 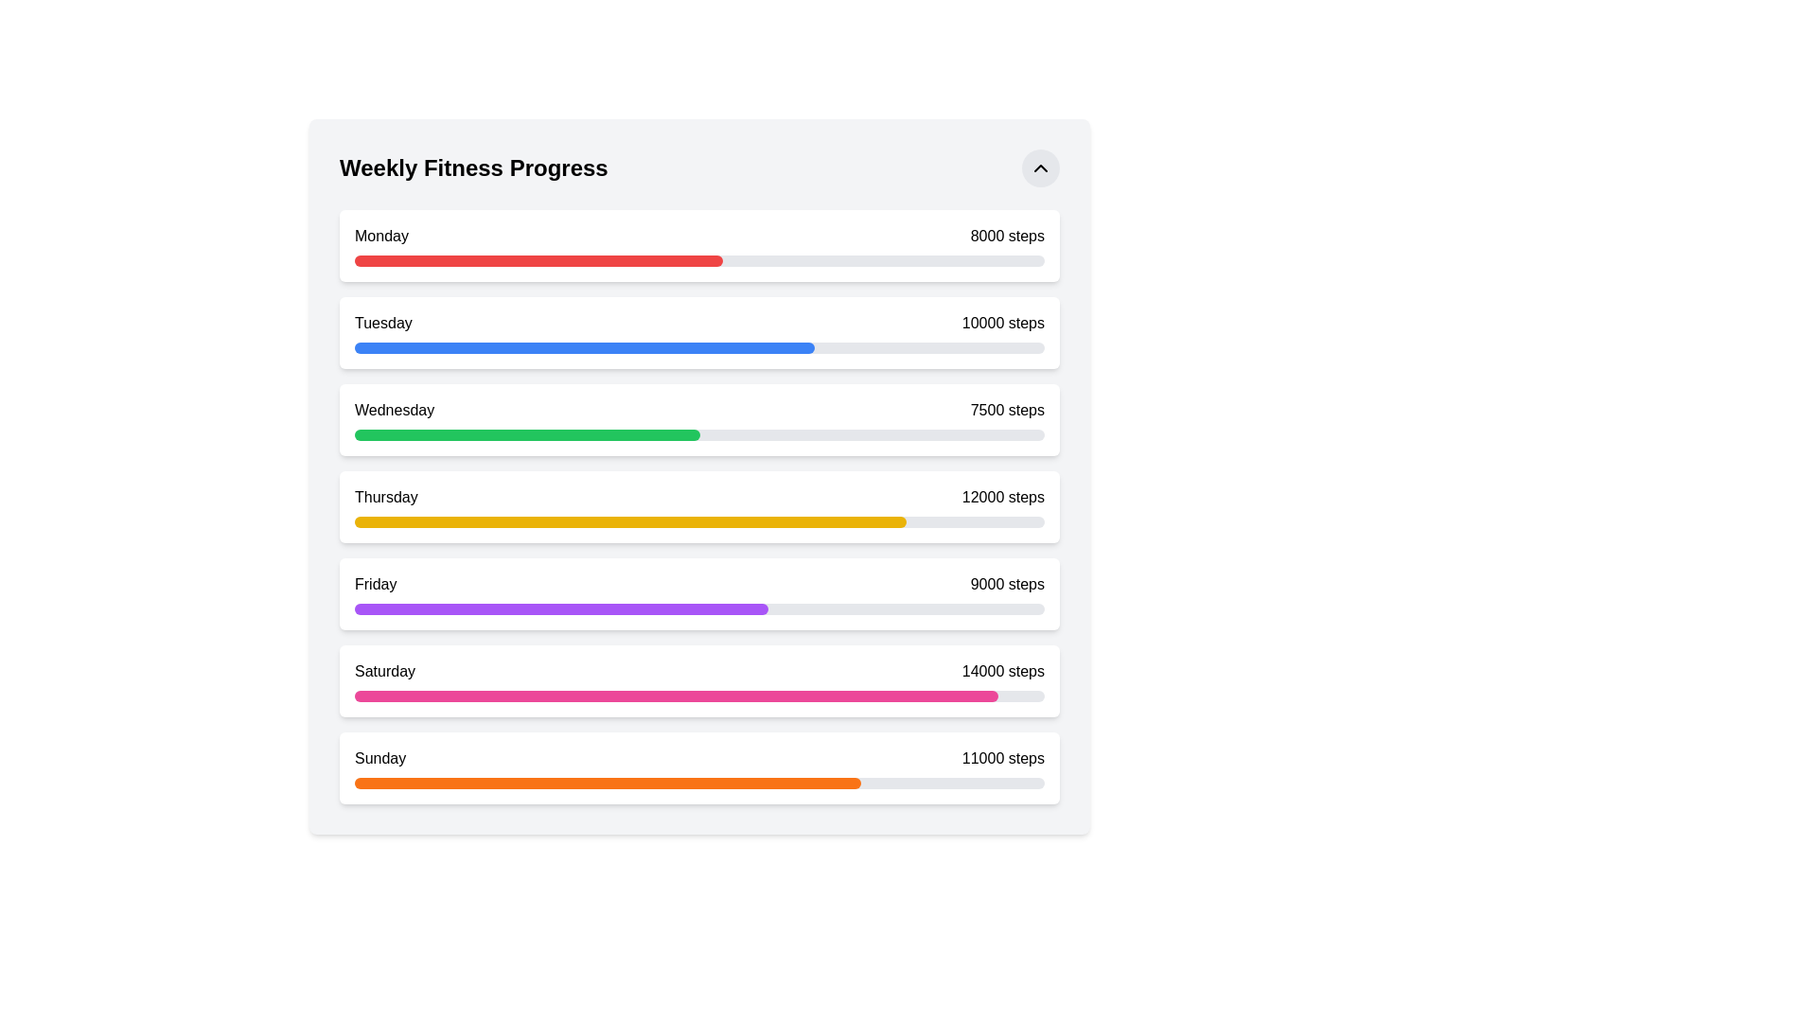 I want to click on the progress bar labeled 'Monday' that visually represents the step count for the day, located near the top of the interface, so click(x=698, y=261).